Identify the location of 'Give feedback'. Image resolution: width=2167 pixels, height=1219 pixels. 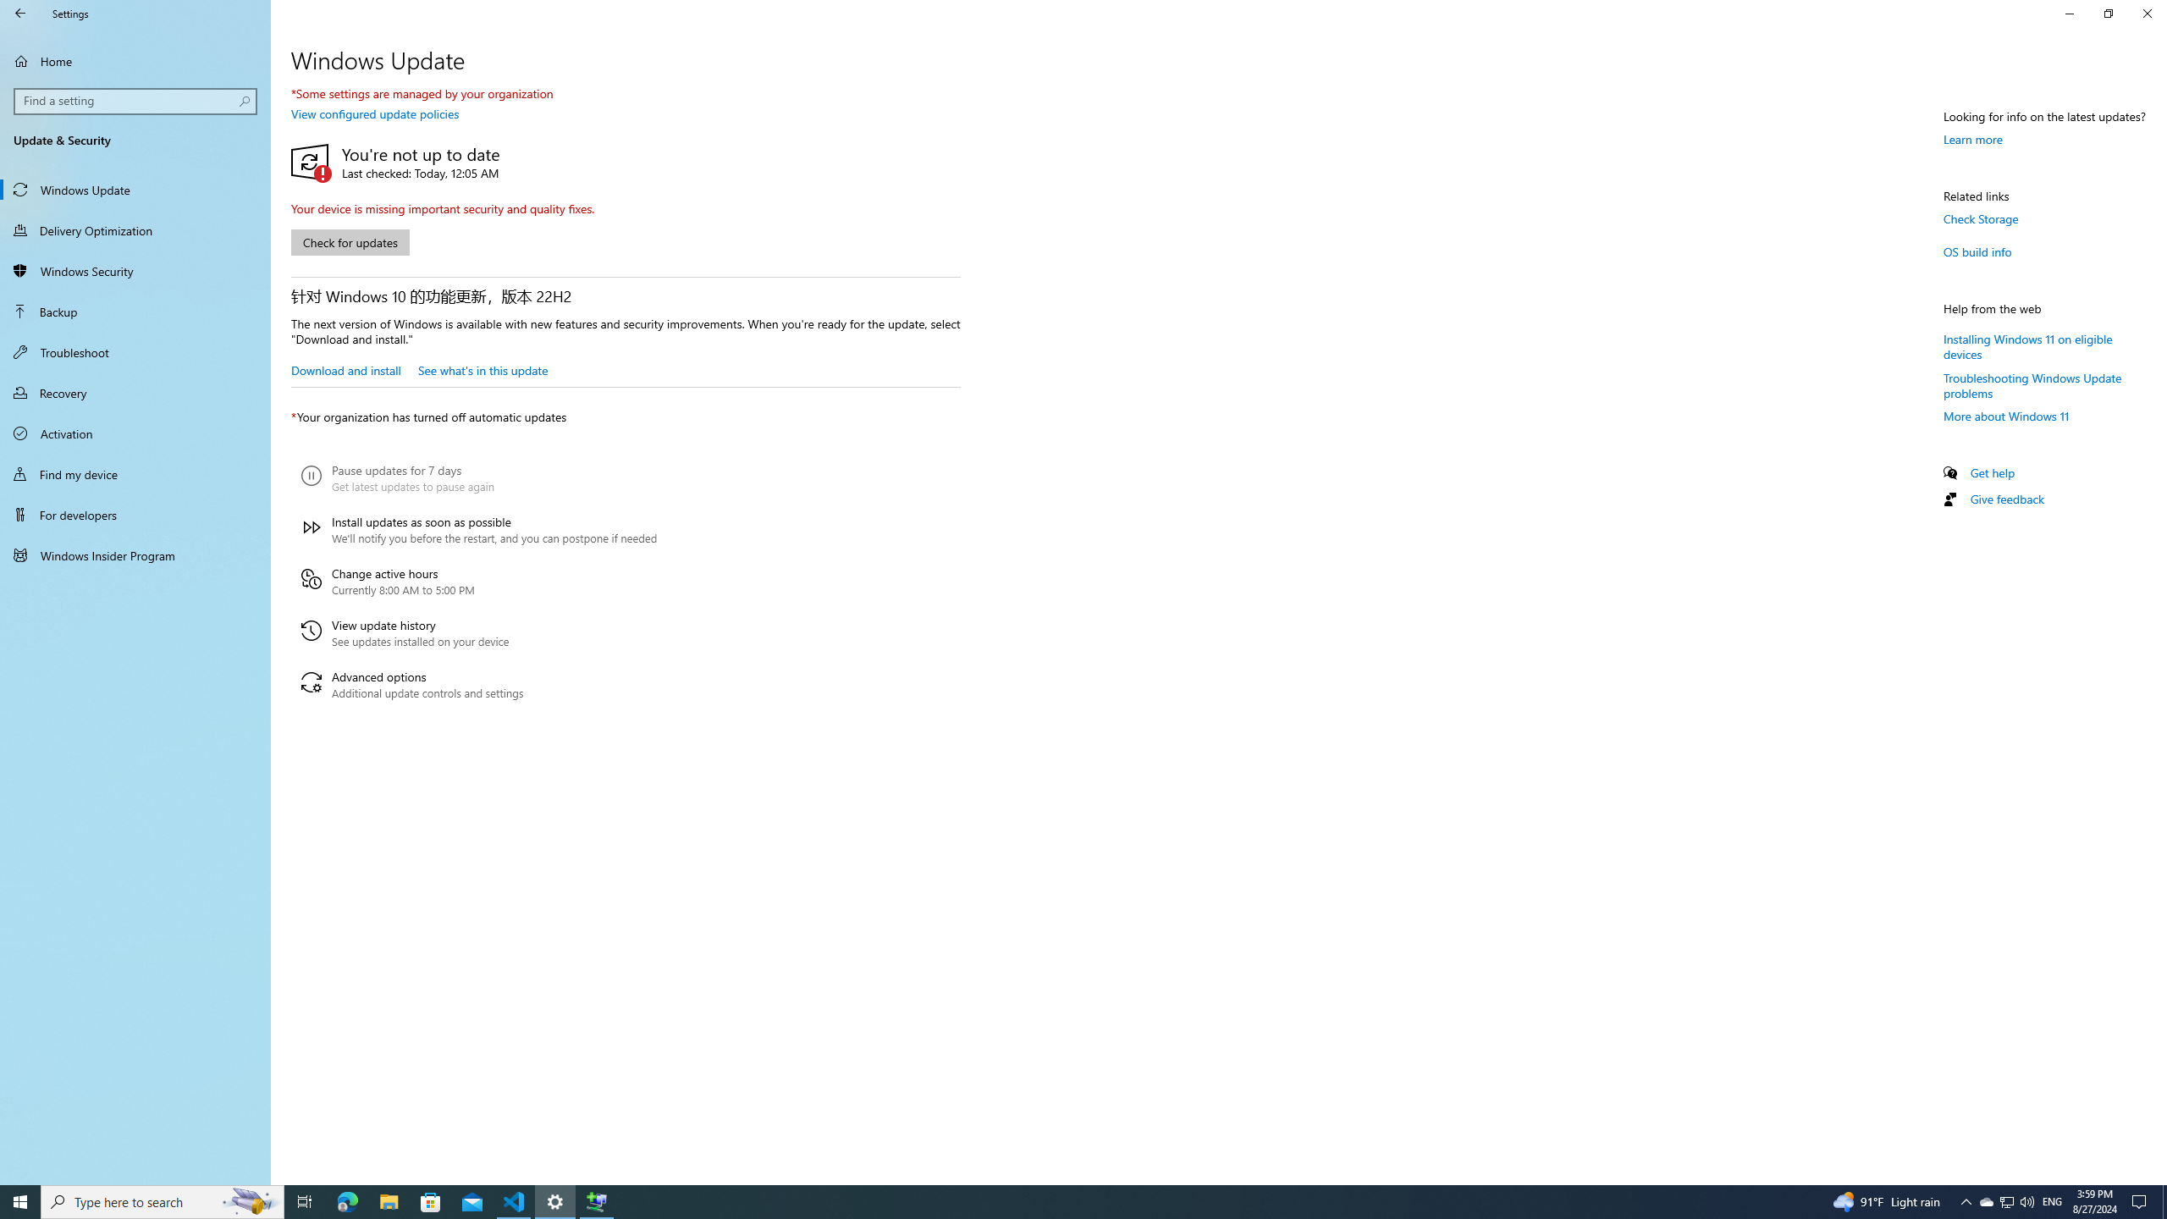
(2005, 499).